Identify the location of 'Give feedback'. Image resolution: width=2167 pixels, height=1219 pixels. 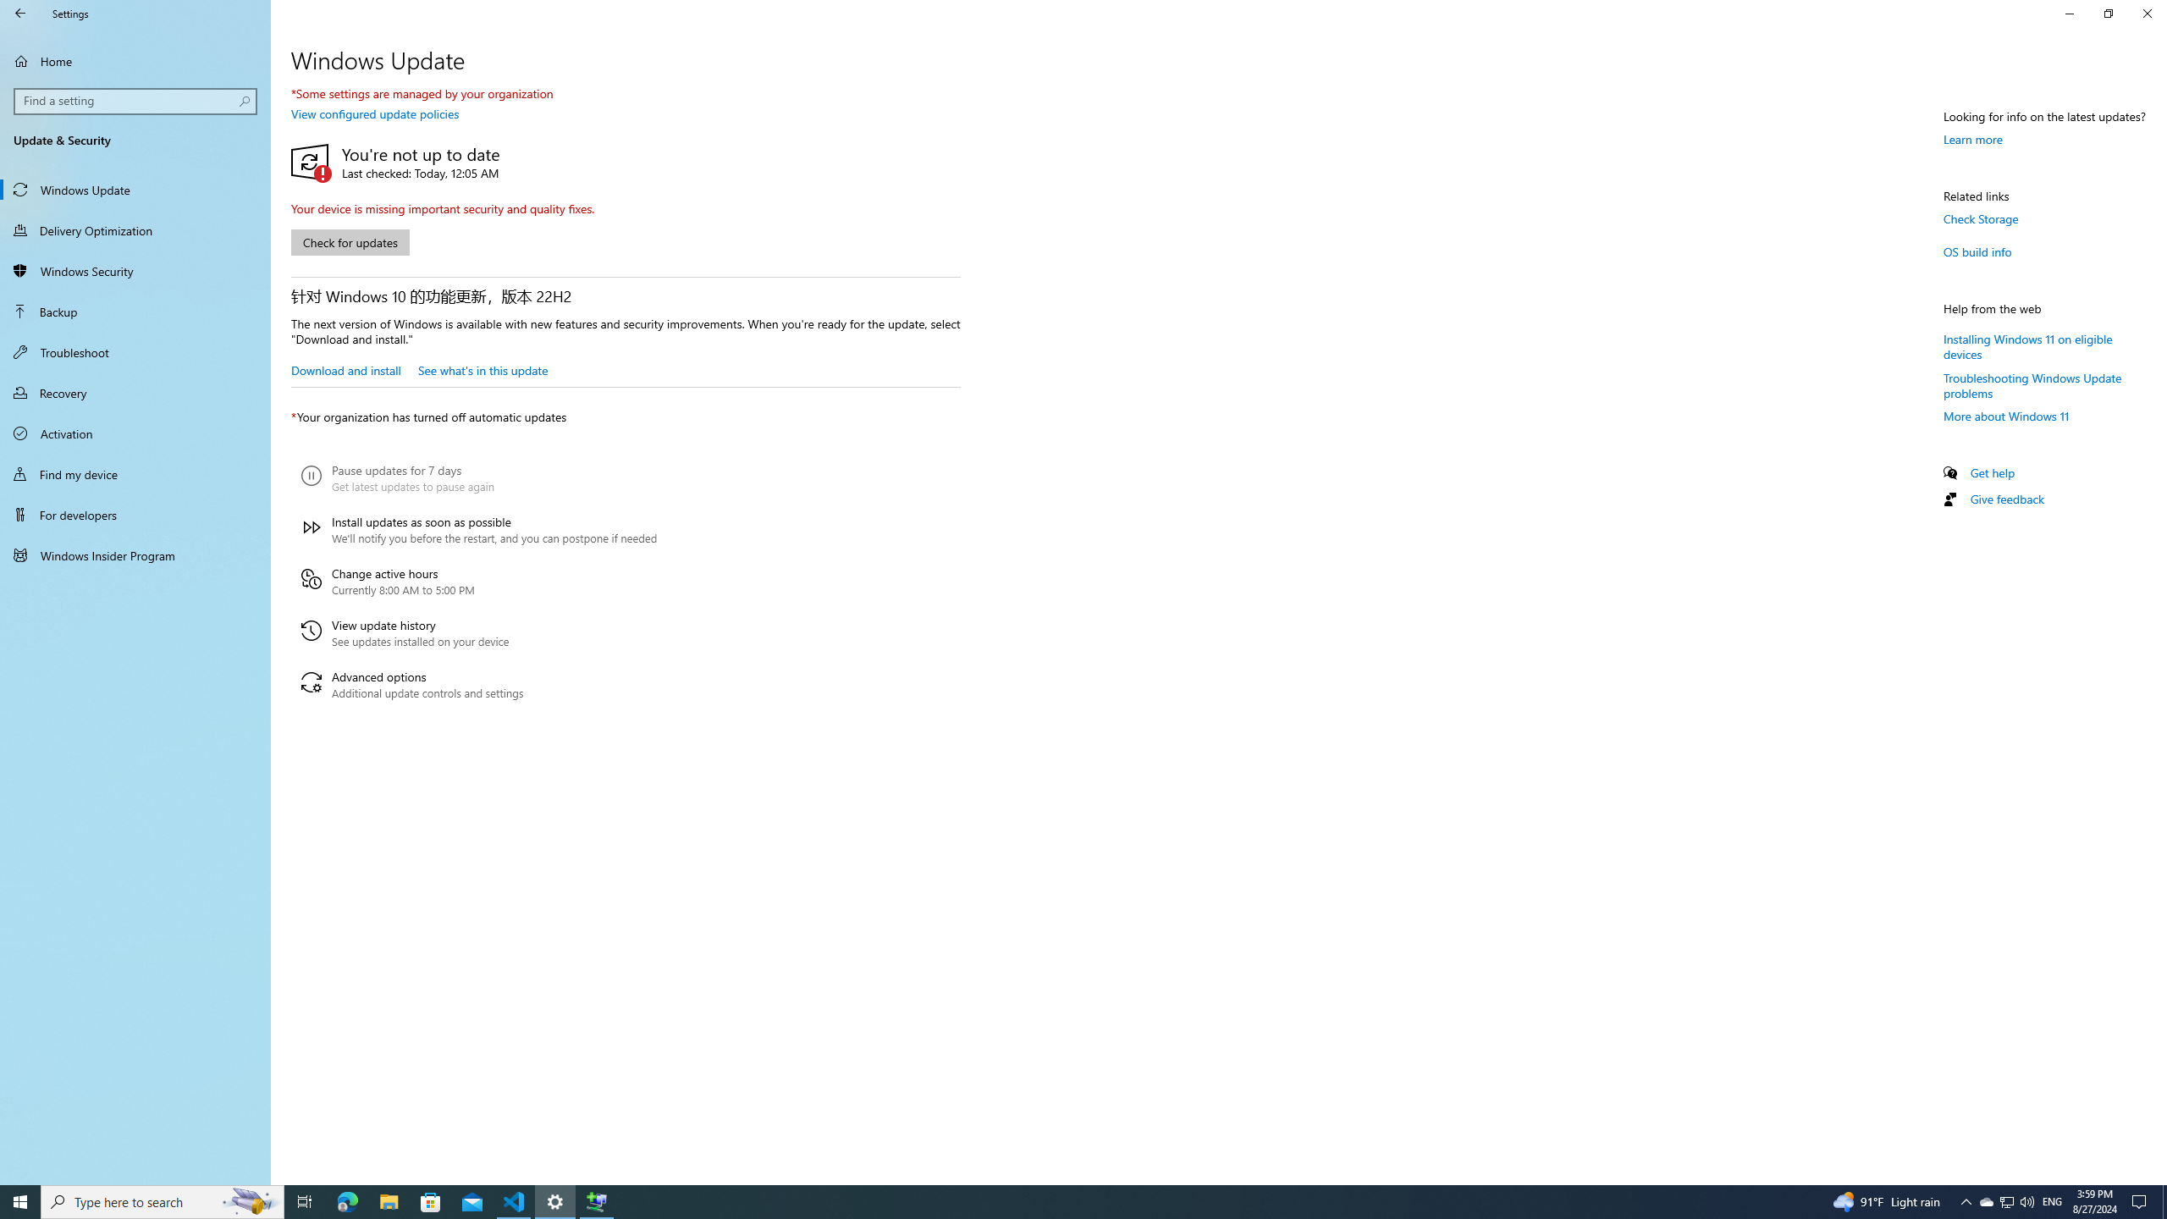
(2005, 499).